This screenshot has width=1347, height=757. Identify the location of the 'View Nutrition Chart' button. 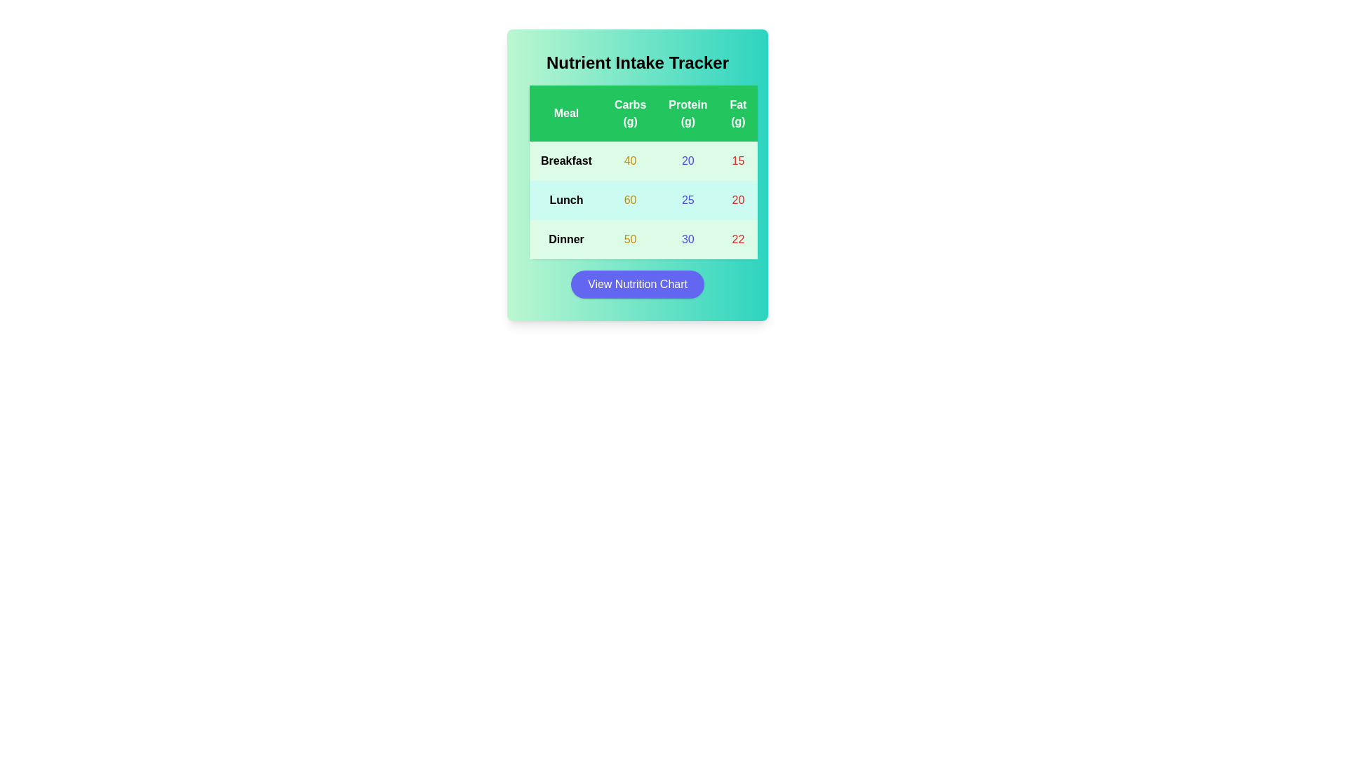
(636, 284).